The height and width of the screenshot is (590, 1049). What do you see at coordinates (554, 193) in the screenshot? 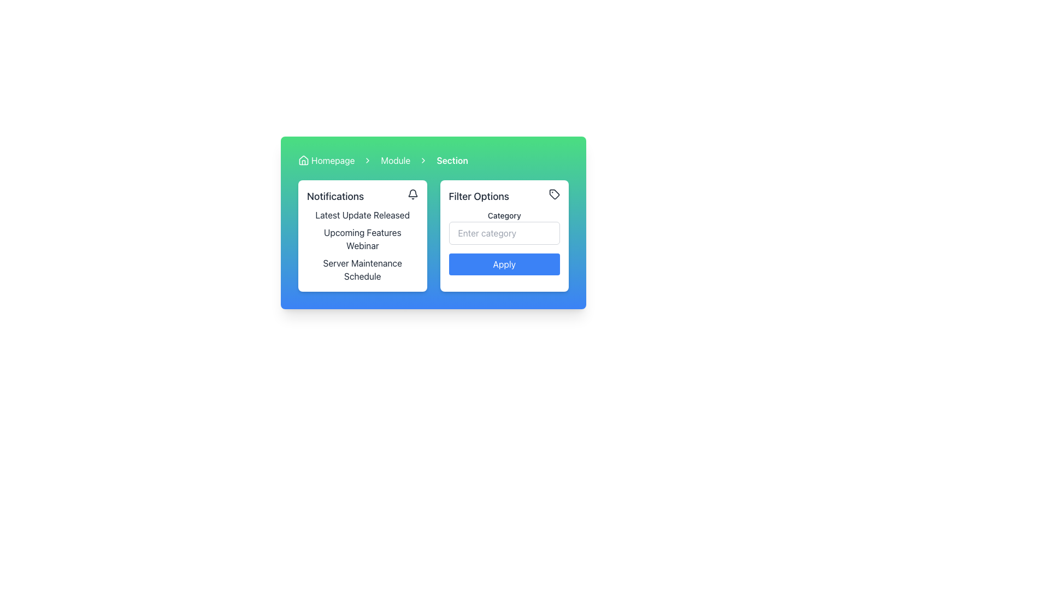
I see `the tag-shaped icon located in the upper-right corner of the 'Filter Options' section, which serves as an action initiator for filtering or categorization purposes` at bounding box center [554, 193].